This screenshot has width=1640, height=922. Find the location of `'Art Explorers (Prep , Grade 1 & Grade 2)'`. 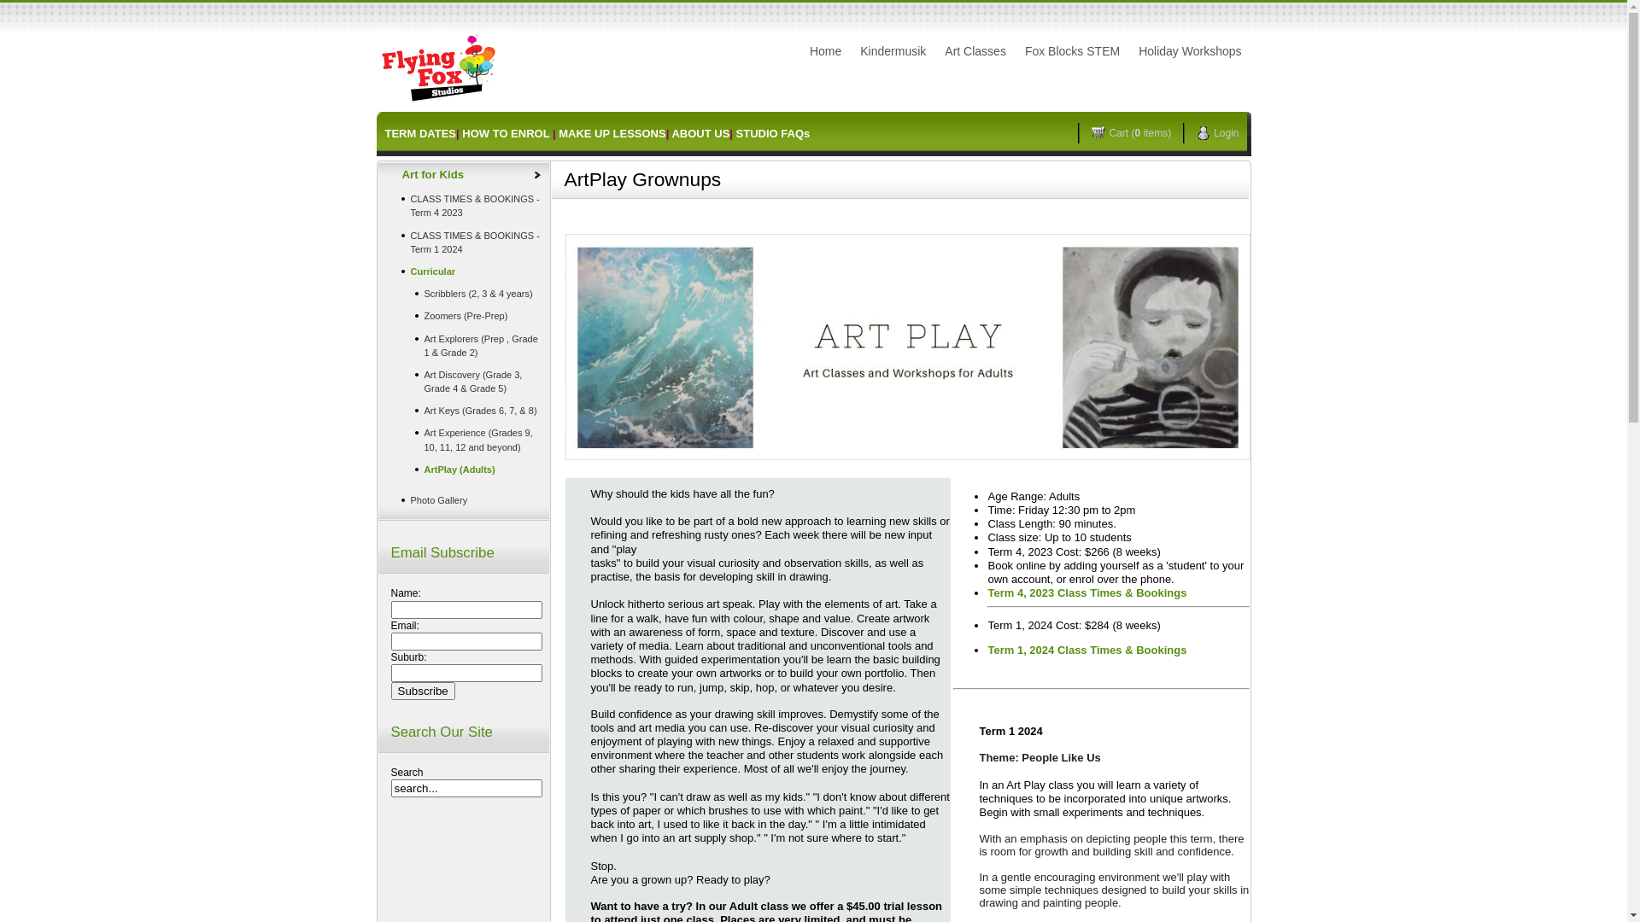

'Art Explorers (Prep , Grade 1 & Grade 2)' is located at coordinates (463, 345).